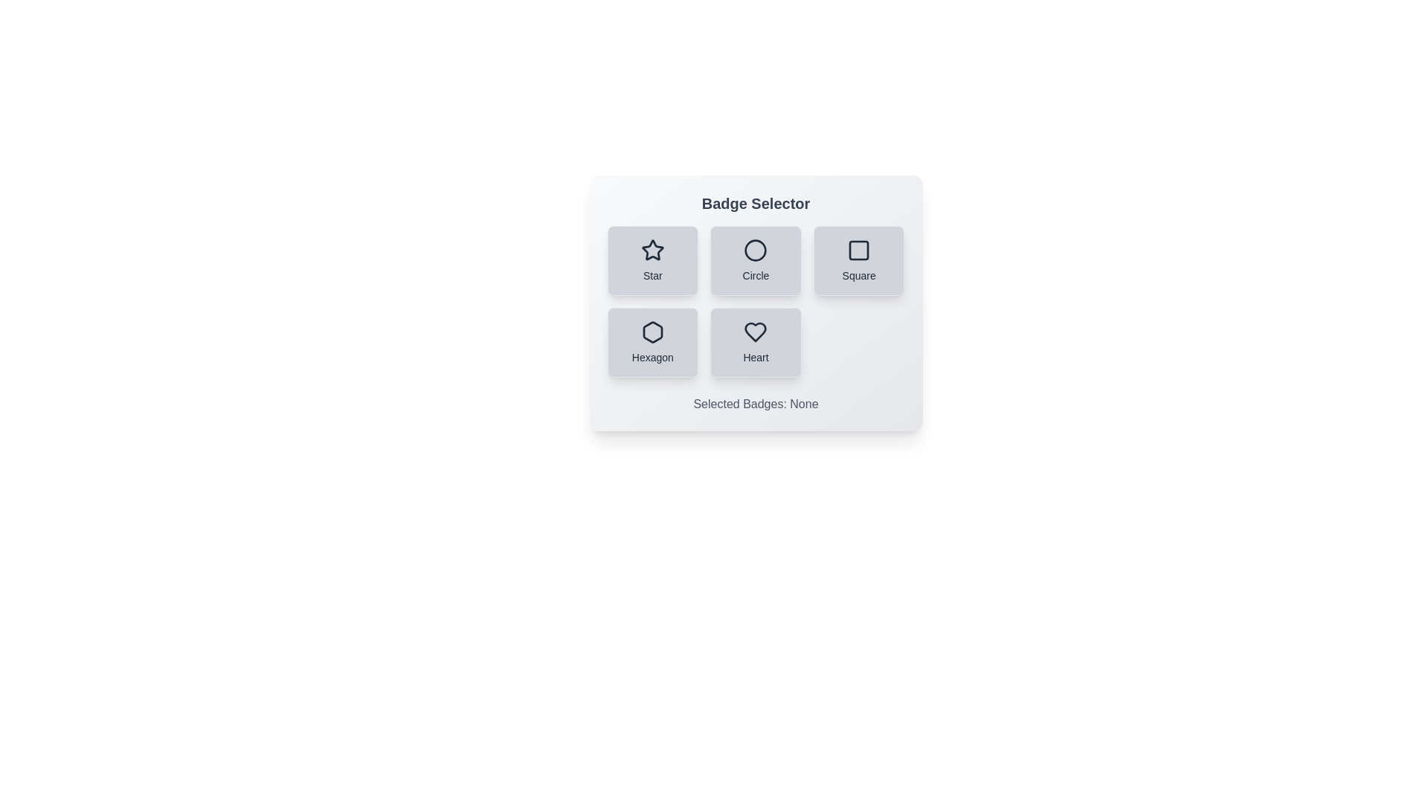 Image resolution: width=1428 pixels, height=803 pixels. Describe the element at coordinates (756, 343) in the screenshot. I see `the badge button labeled Heart to observe its visual feedback` at that location.